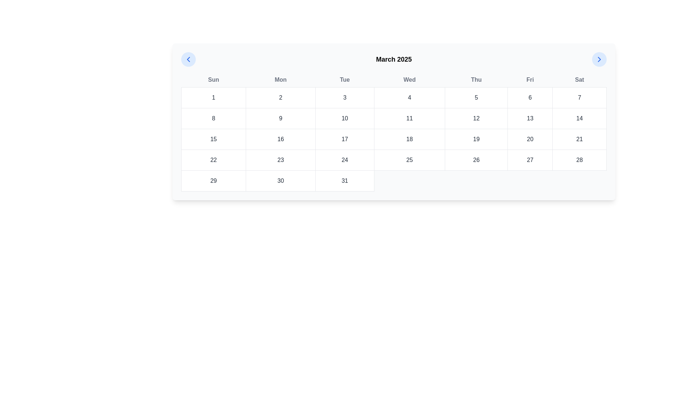 The width and height of the screenshot is (700, 394). Describe the element at coordinates (344, 80) in the screenshot. I see `the text label displaying 'Tue' in the calendar header, which is the third label in the sequence of day names` at that location.